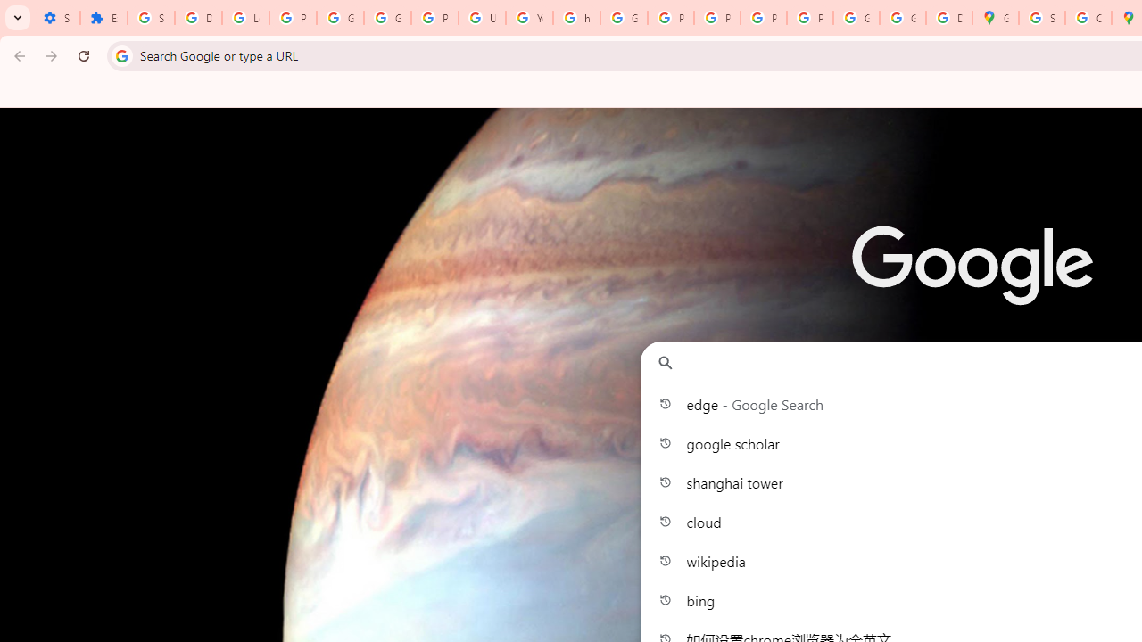 The width and height of the screenshot is (1142, 642). Describe the element at coordinates (340, 18) in the screenshot. I see `'Google Account Help'` at that location.